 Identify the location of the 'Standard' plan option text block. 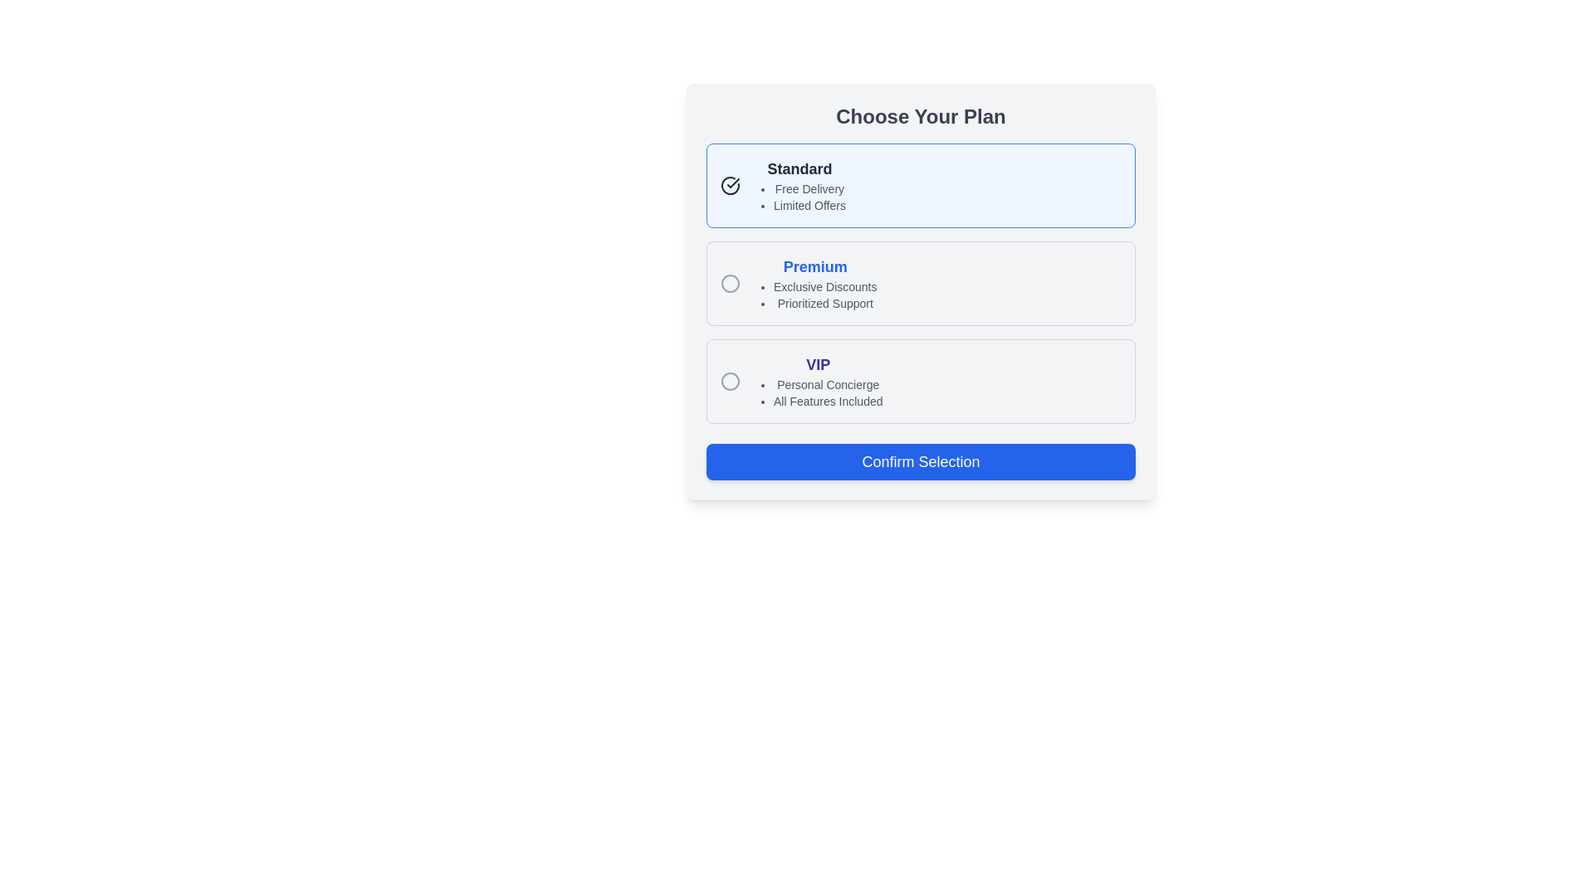
(799, 185).